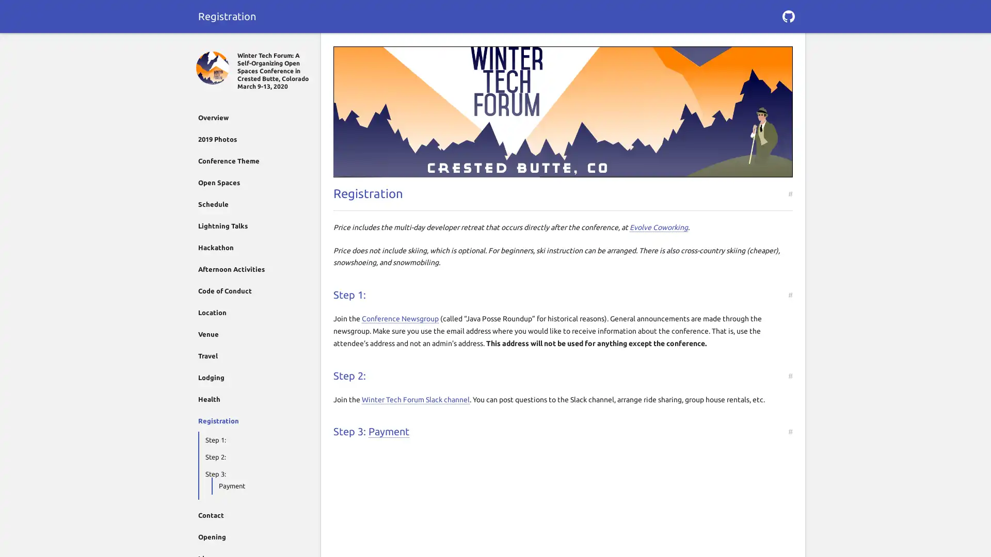  I want to click on GitHub, so click(788, 16).